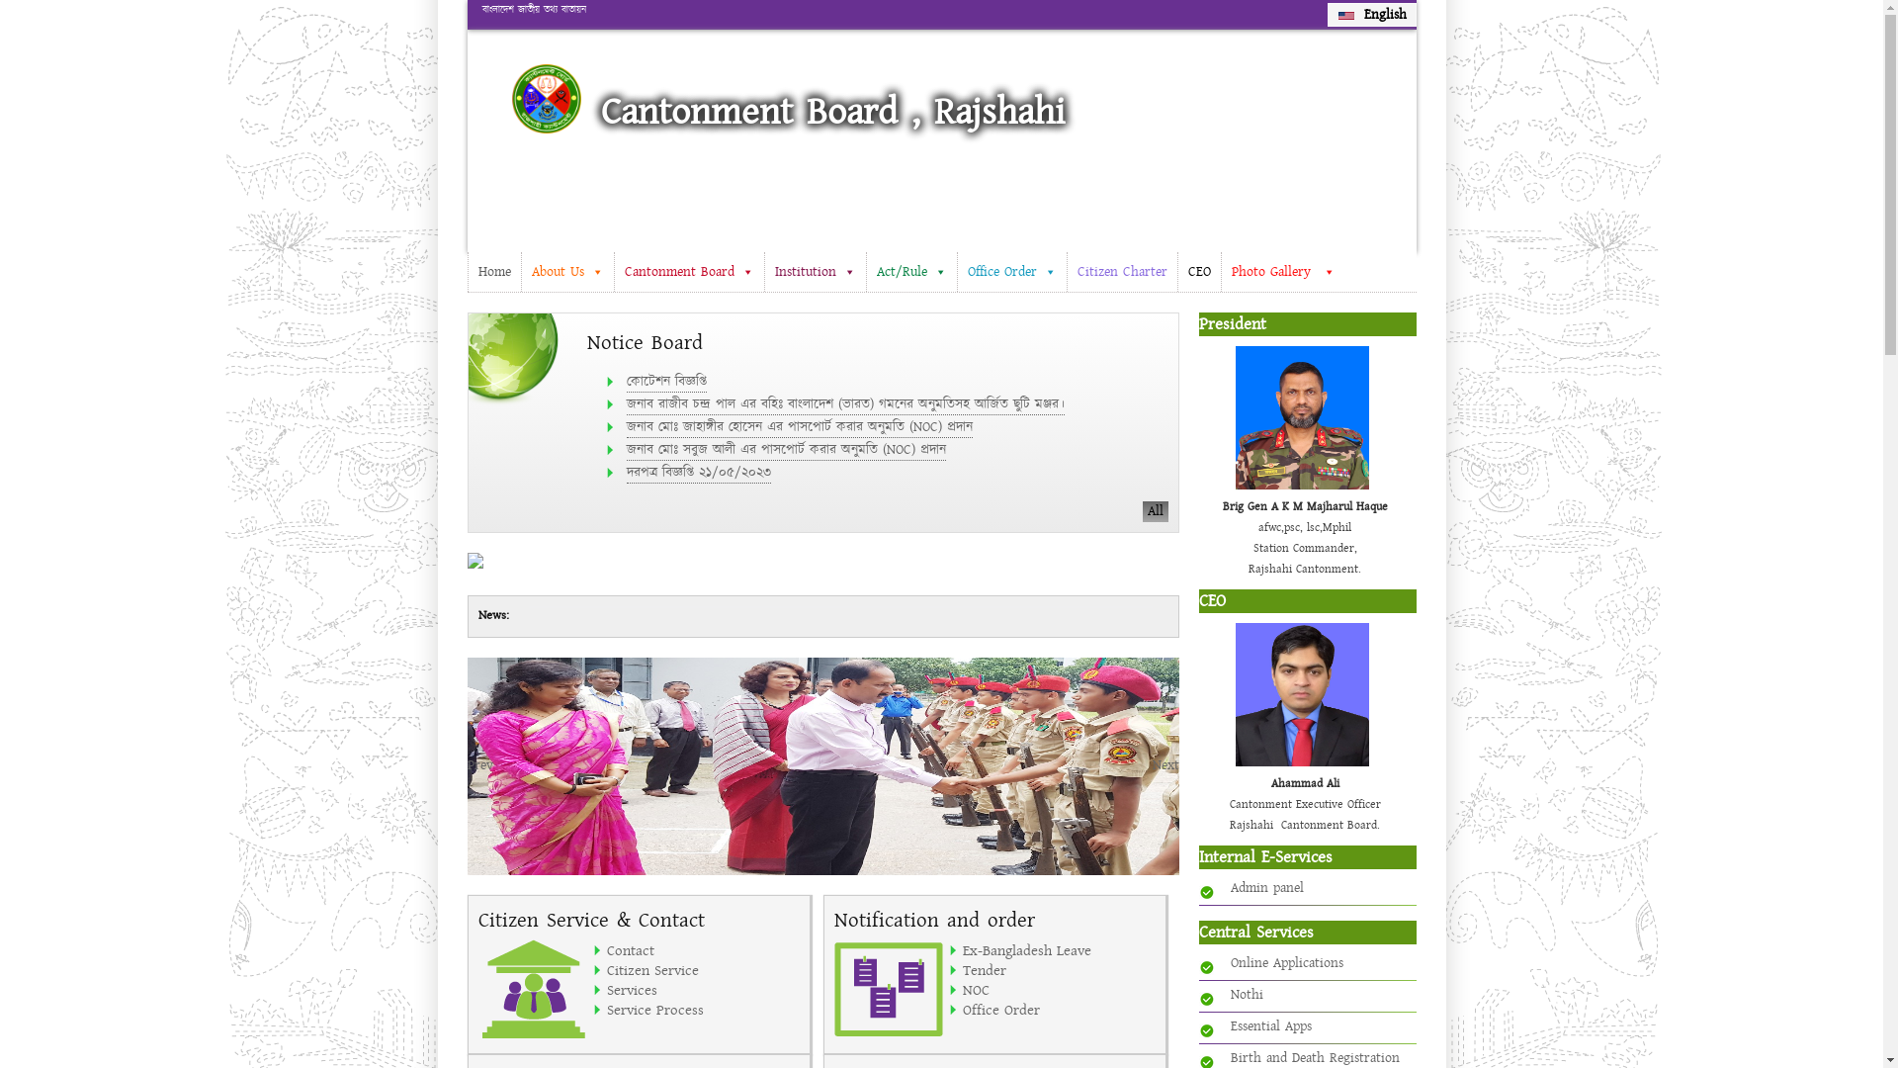 Image resolution: width=1898 pixels, height=1068 pixels. What do you see at coordinates (688, 271) in the screenshot?
I see `'Cantonment Board'` at bounding box center [688, 271].